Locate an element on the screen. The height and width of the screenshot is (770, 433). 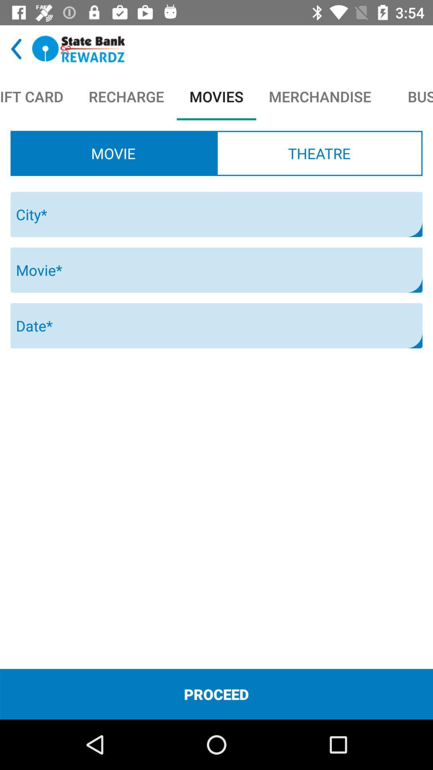
city text field is located at coordinates (216, 214).